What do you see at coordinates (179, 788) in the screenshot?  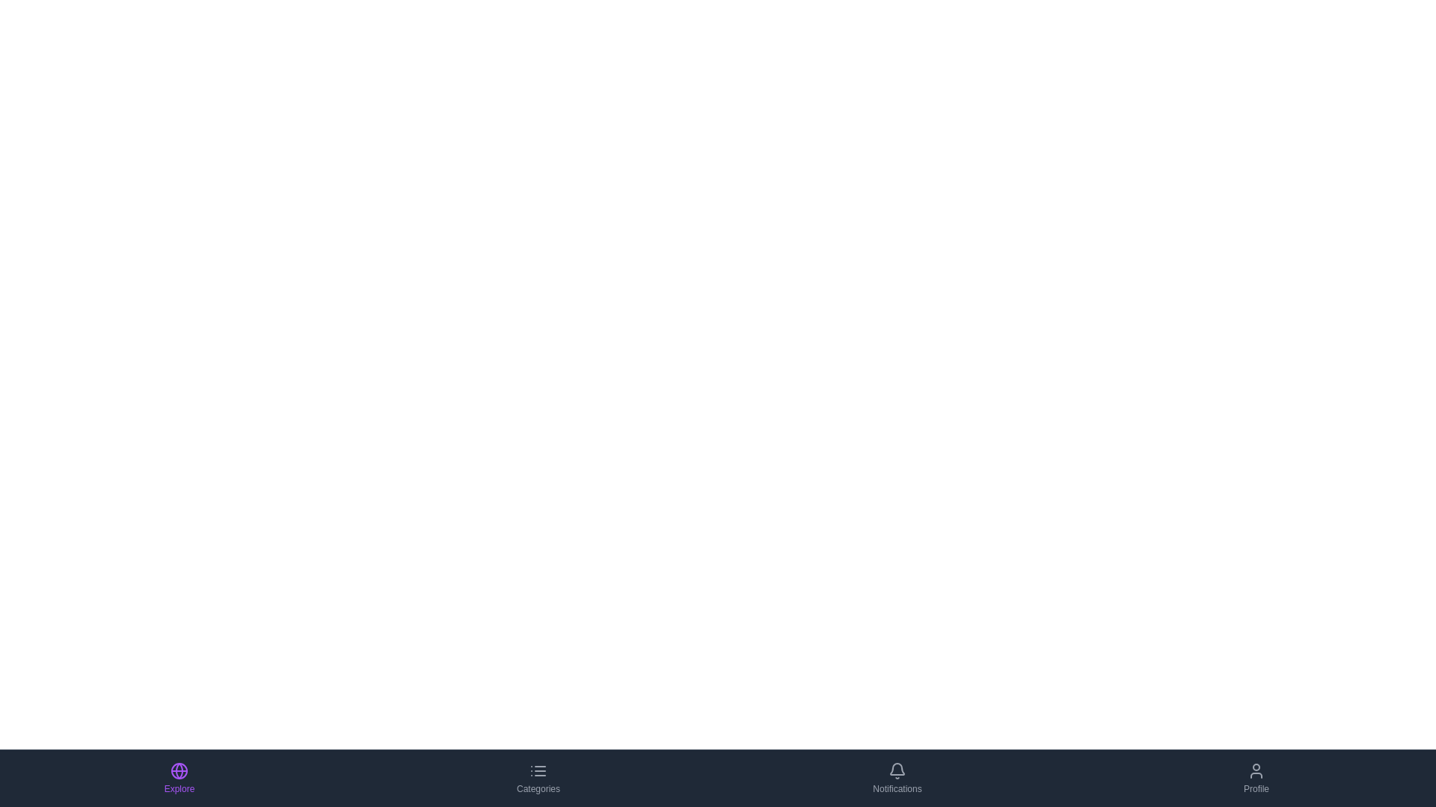 I see `the descriptive text label that provides context for the 'Explore' navigation option, located below the globe icon in the bottom navigation bar` at bounding box center [179, 788].